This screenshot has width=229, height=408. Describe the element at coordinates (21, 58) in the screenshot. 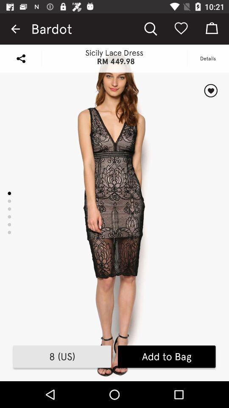

I see `share page` at that location.